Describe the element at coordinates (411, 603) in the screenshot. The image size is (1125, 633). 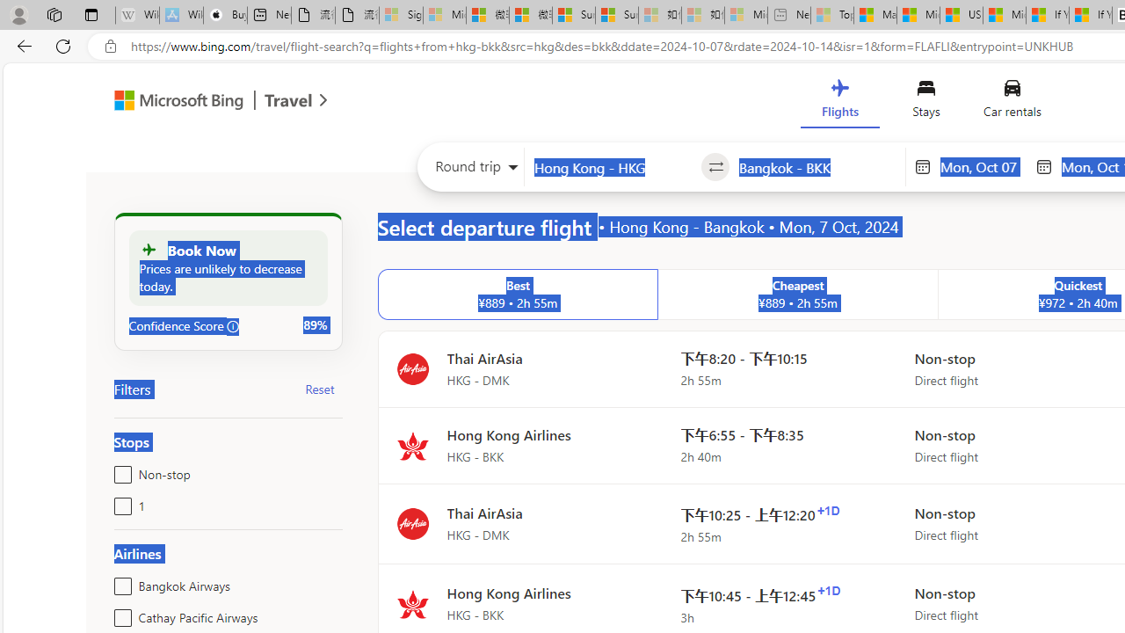
I see `'Flight logo'` at that location.